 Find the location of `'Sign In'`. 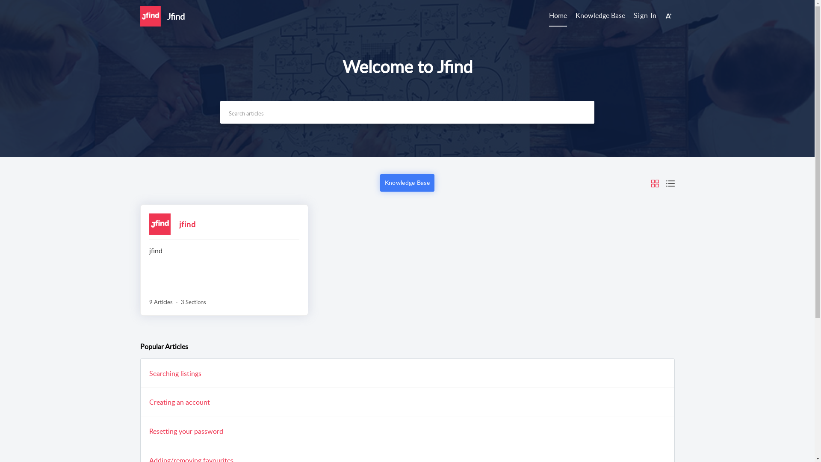

'Sign In' is located at coordinates (645, 15).